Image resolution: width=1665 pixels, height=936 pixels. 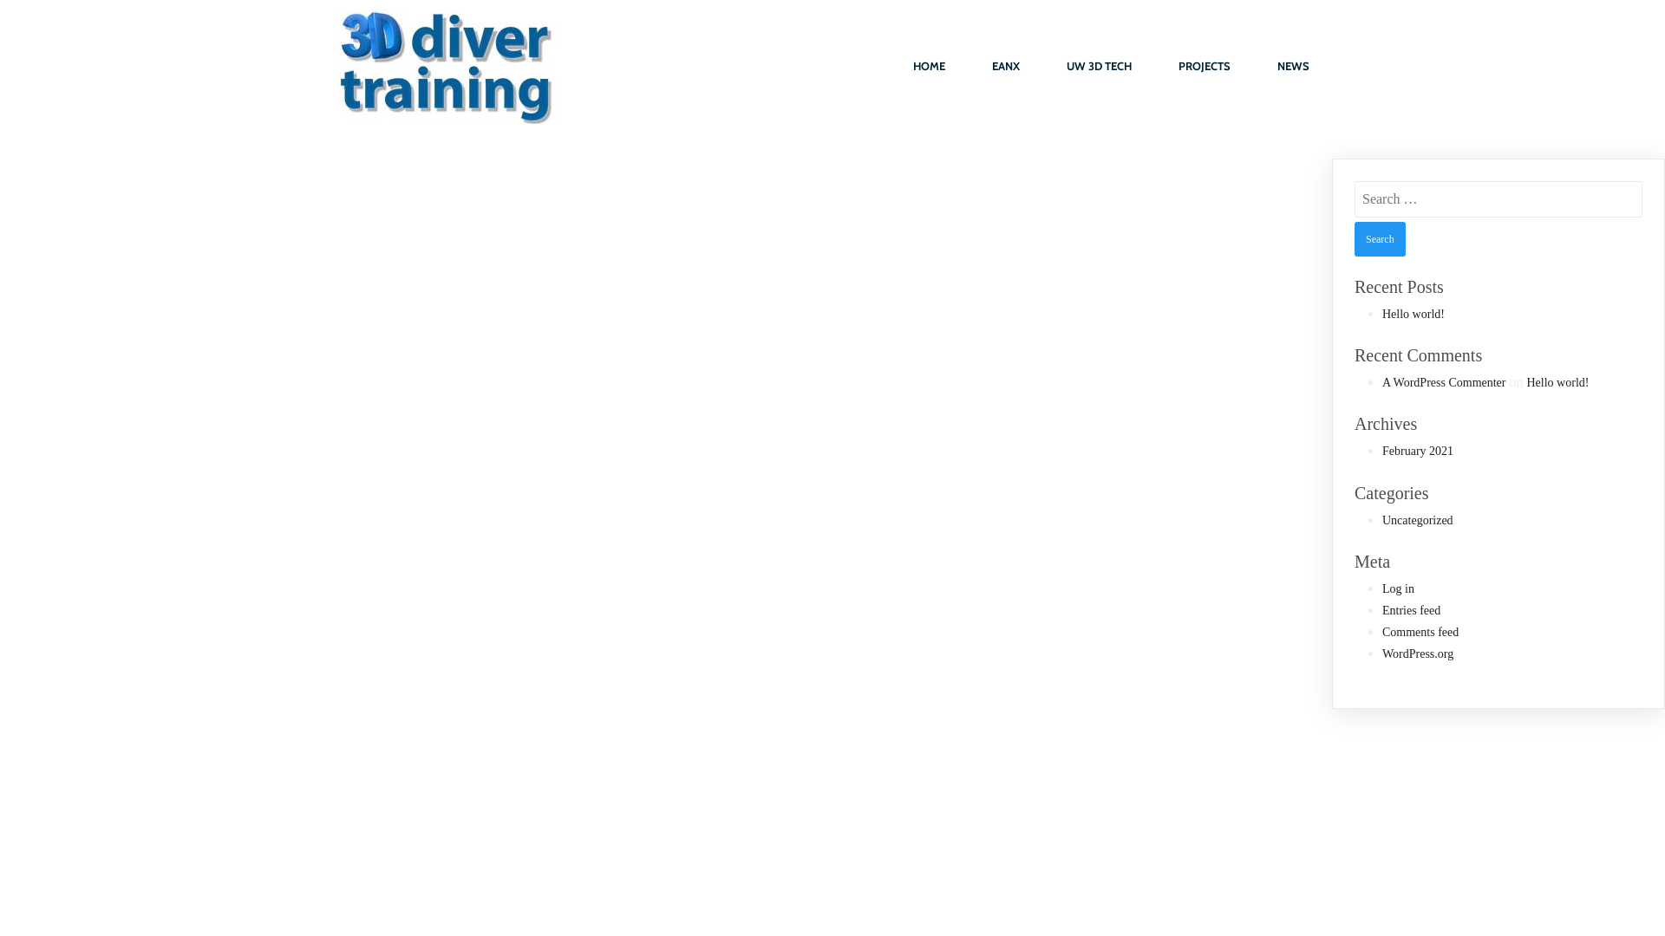 What do you see at coordinates (1411, 609) in the screenshot?
I see `'Entries feed'` at bounding box center [1411, 609].